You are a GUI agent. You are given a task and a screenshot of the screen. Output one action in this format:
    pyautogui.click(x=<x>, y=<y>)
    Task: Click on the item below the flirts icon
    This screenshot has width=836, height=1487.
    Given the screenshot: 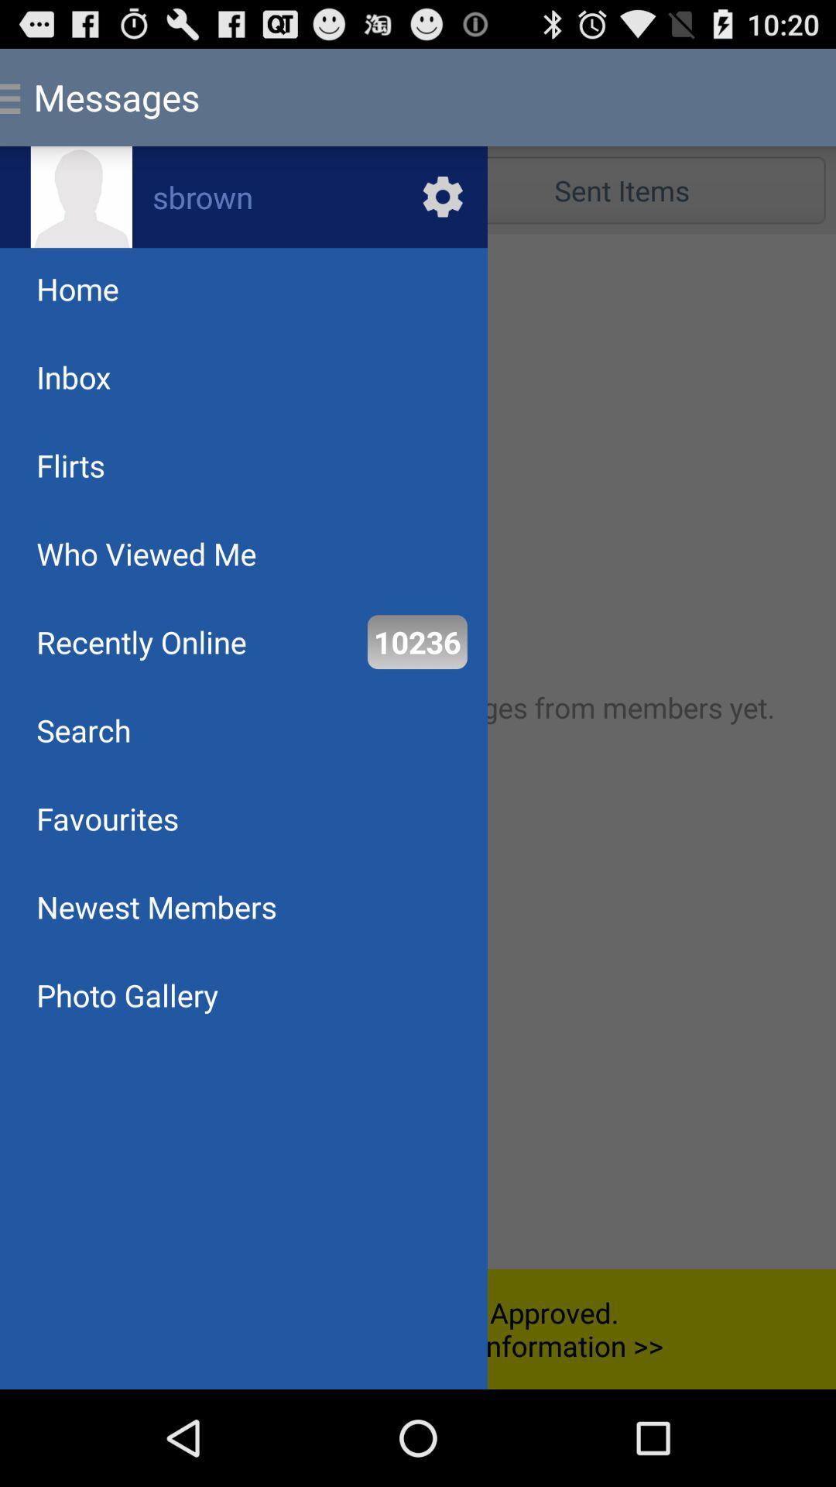 What is the action you would take?
    pyautogui.click(x=146, y=554)
    